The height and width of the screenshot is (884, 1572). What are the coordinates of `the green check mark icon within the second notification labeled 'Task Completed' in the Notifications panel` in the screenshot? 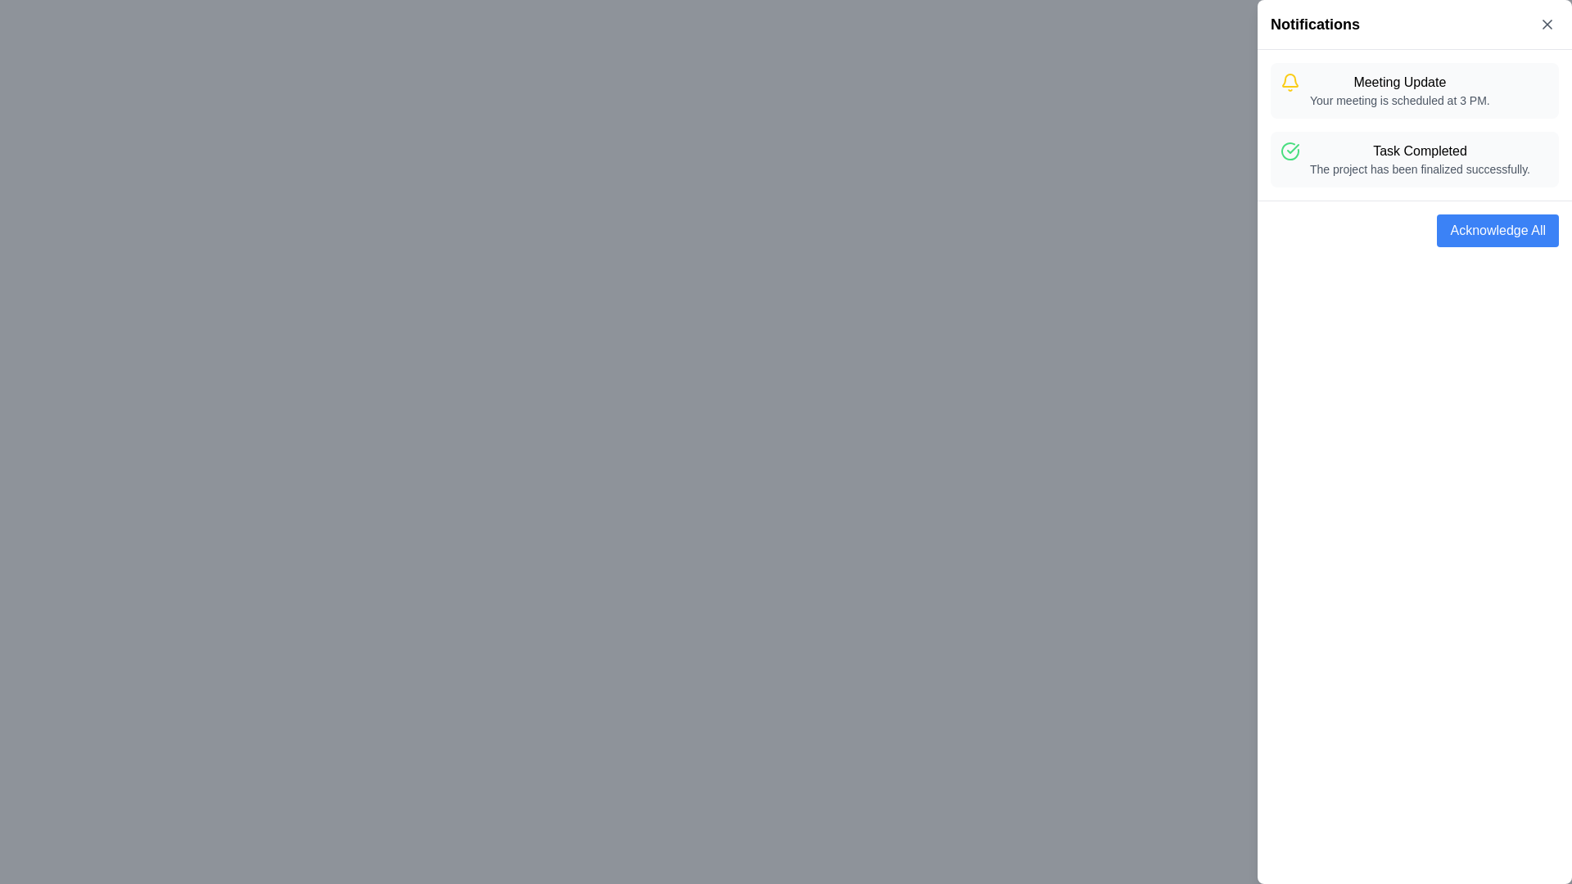 It's located at (1292, 148).